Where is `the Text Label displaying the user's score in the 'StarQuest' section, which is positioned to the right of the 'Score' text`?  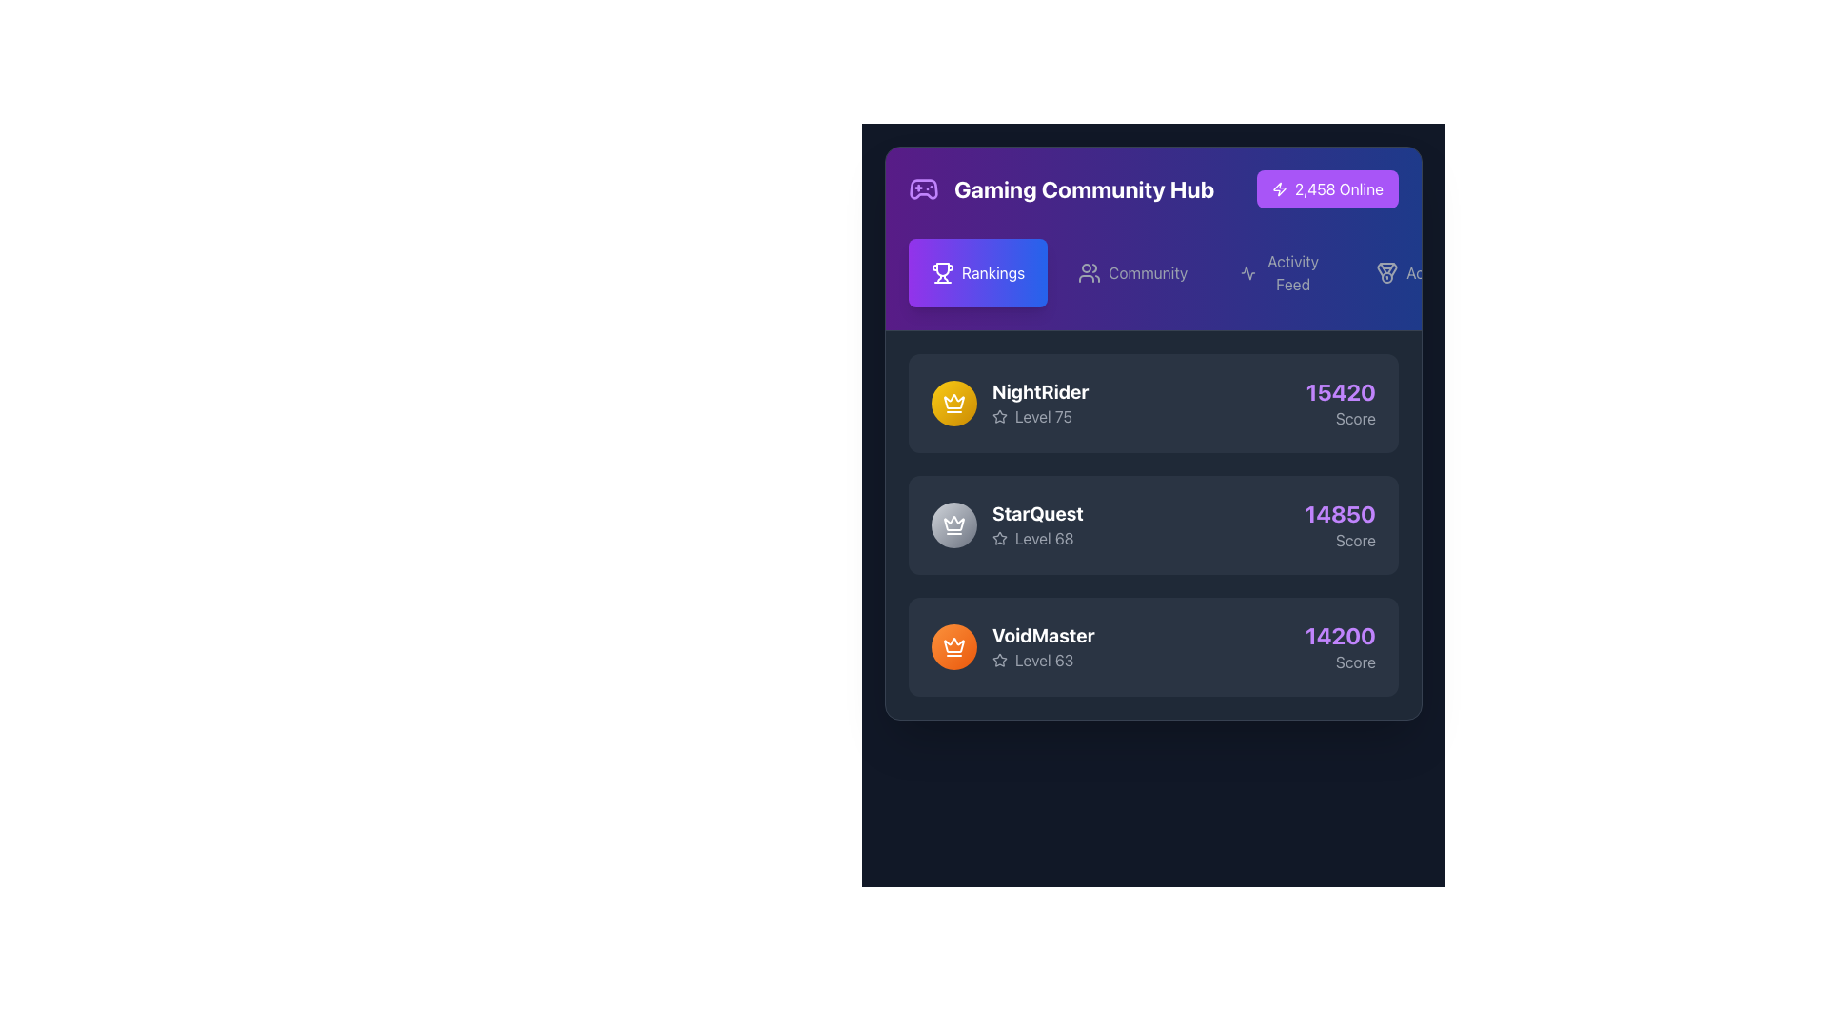 the Text Label displaying the user's score in the 'StarQuest' section, which is positioned to the right of the 'Score' text is located at coordinates (1339, 514).